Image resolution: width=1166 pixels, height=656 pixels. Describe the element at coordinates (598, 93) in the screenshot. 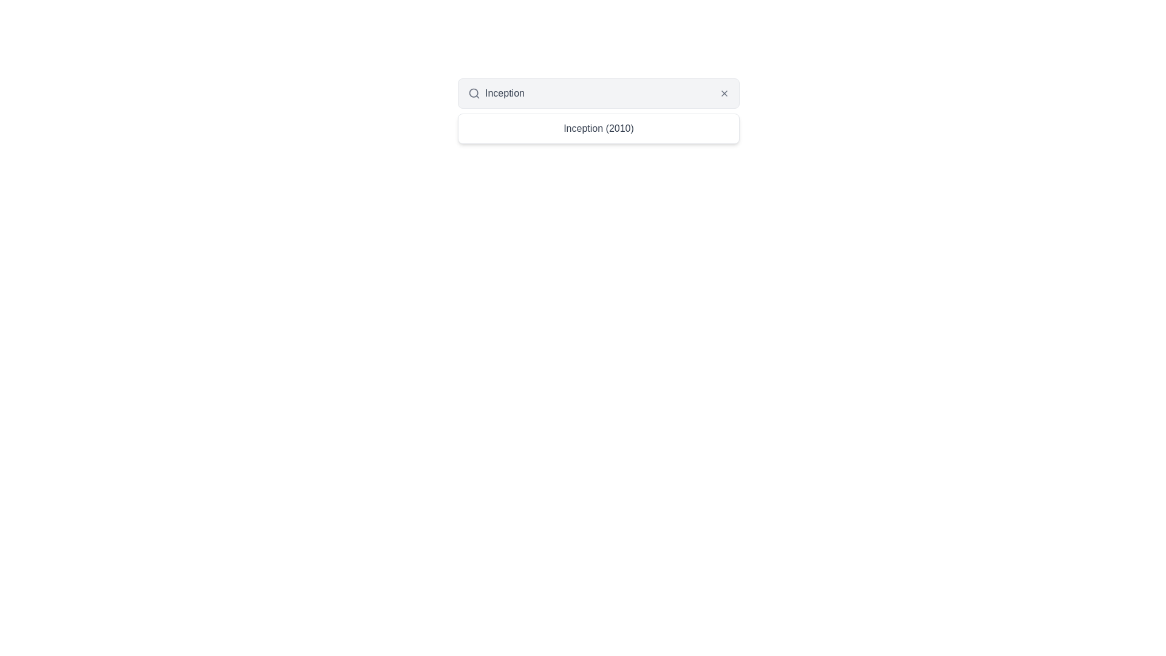

I see `the search input box located at the top-center of the interface to focus on it` at that location.